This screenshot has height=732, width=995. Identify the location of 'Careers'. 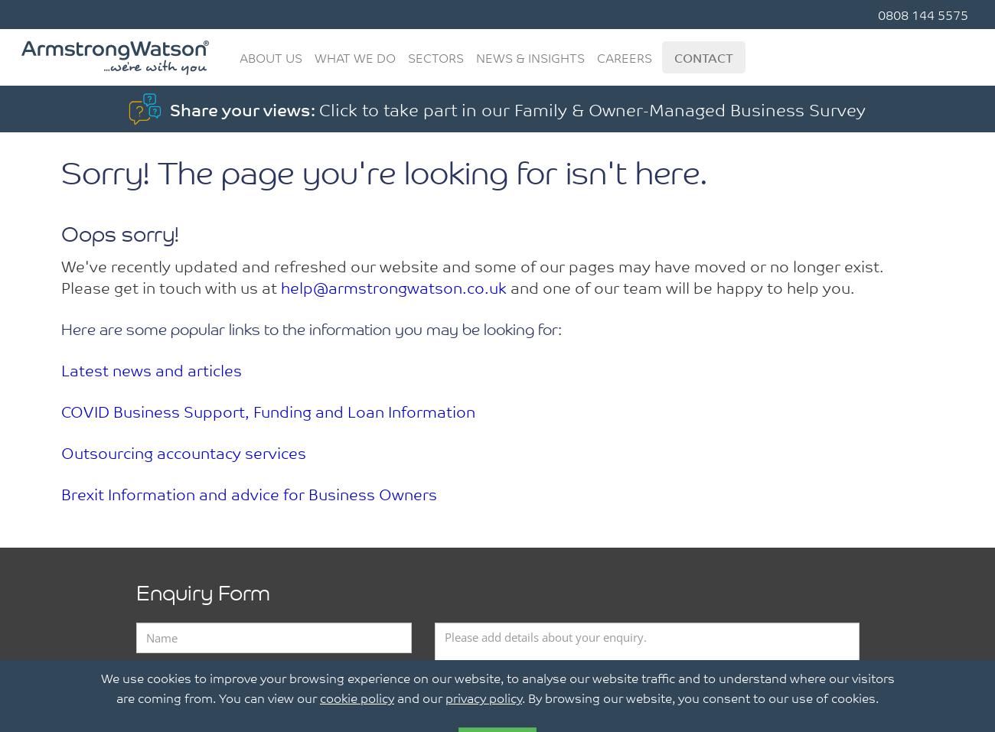
(625, 57).